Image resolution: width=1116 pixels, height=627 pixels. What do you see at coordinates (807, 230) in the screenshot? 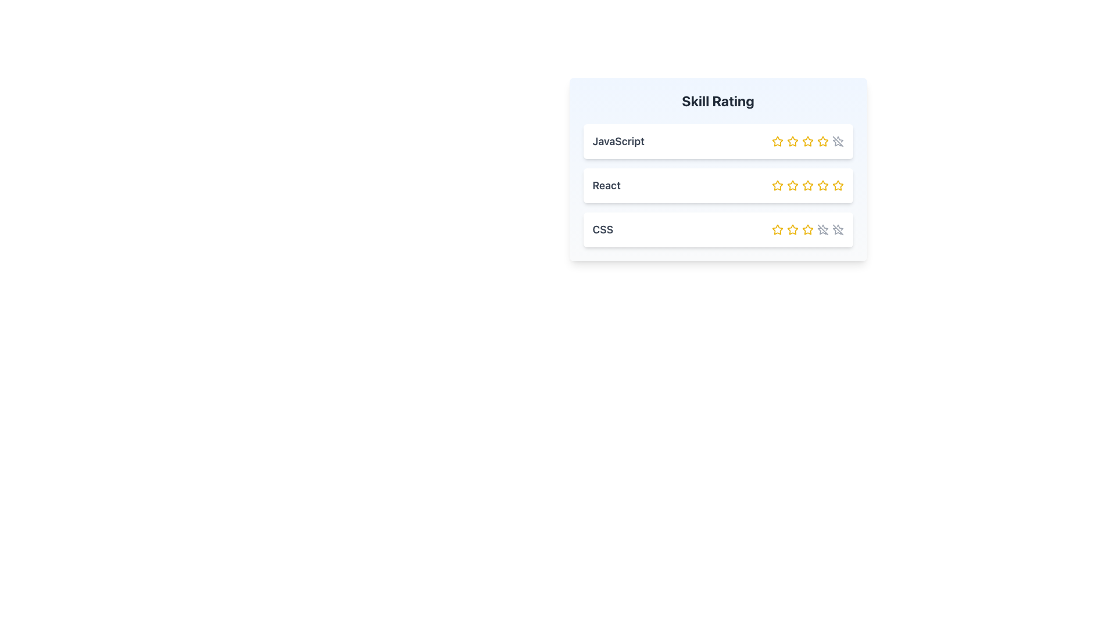
I see `the unselected stars in the Rating Star Group next` at bounding box center [807, 230].